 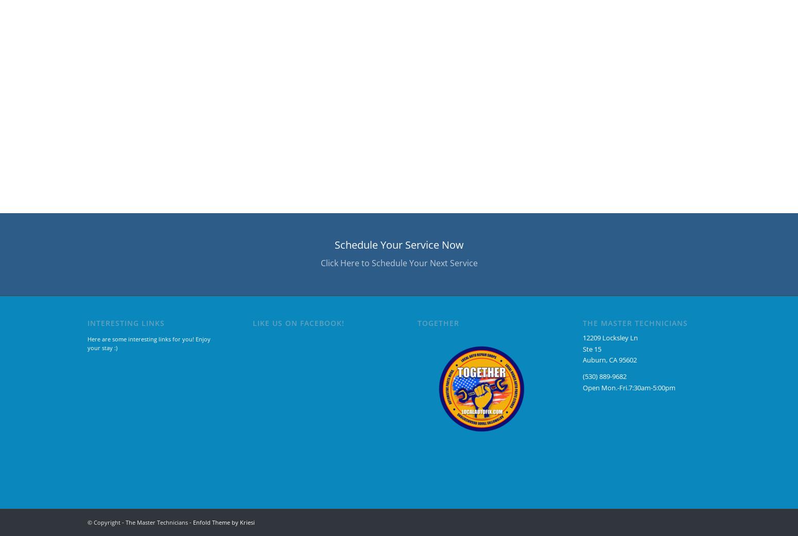 What do you see at coordinates (333, 244) in the screenshot?
I see `'Schedule Your Service Now'` at bounding box center [333, 244].